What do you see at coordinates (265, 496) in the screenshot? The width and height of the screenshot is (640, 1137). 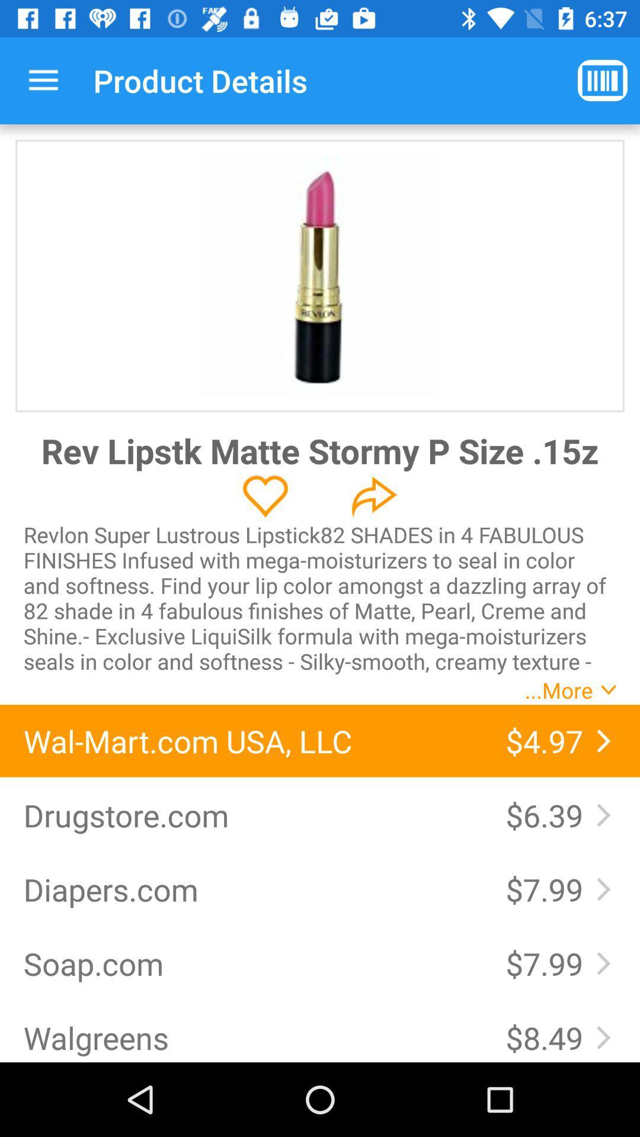 I see `like this product` at bounding box center [265, 496].